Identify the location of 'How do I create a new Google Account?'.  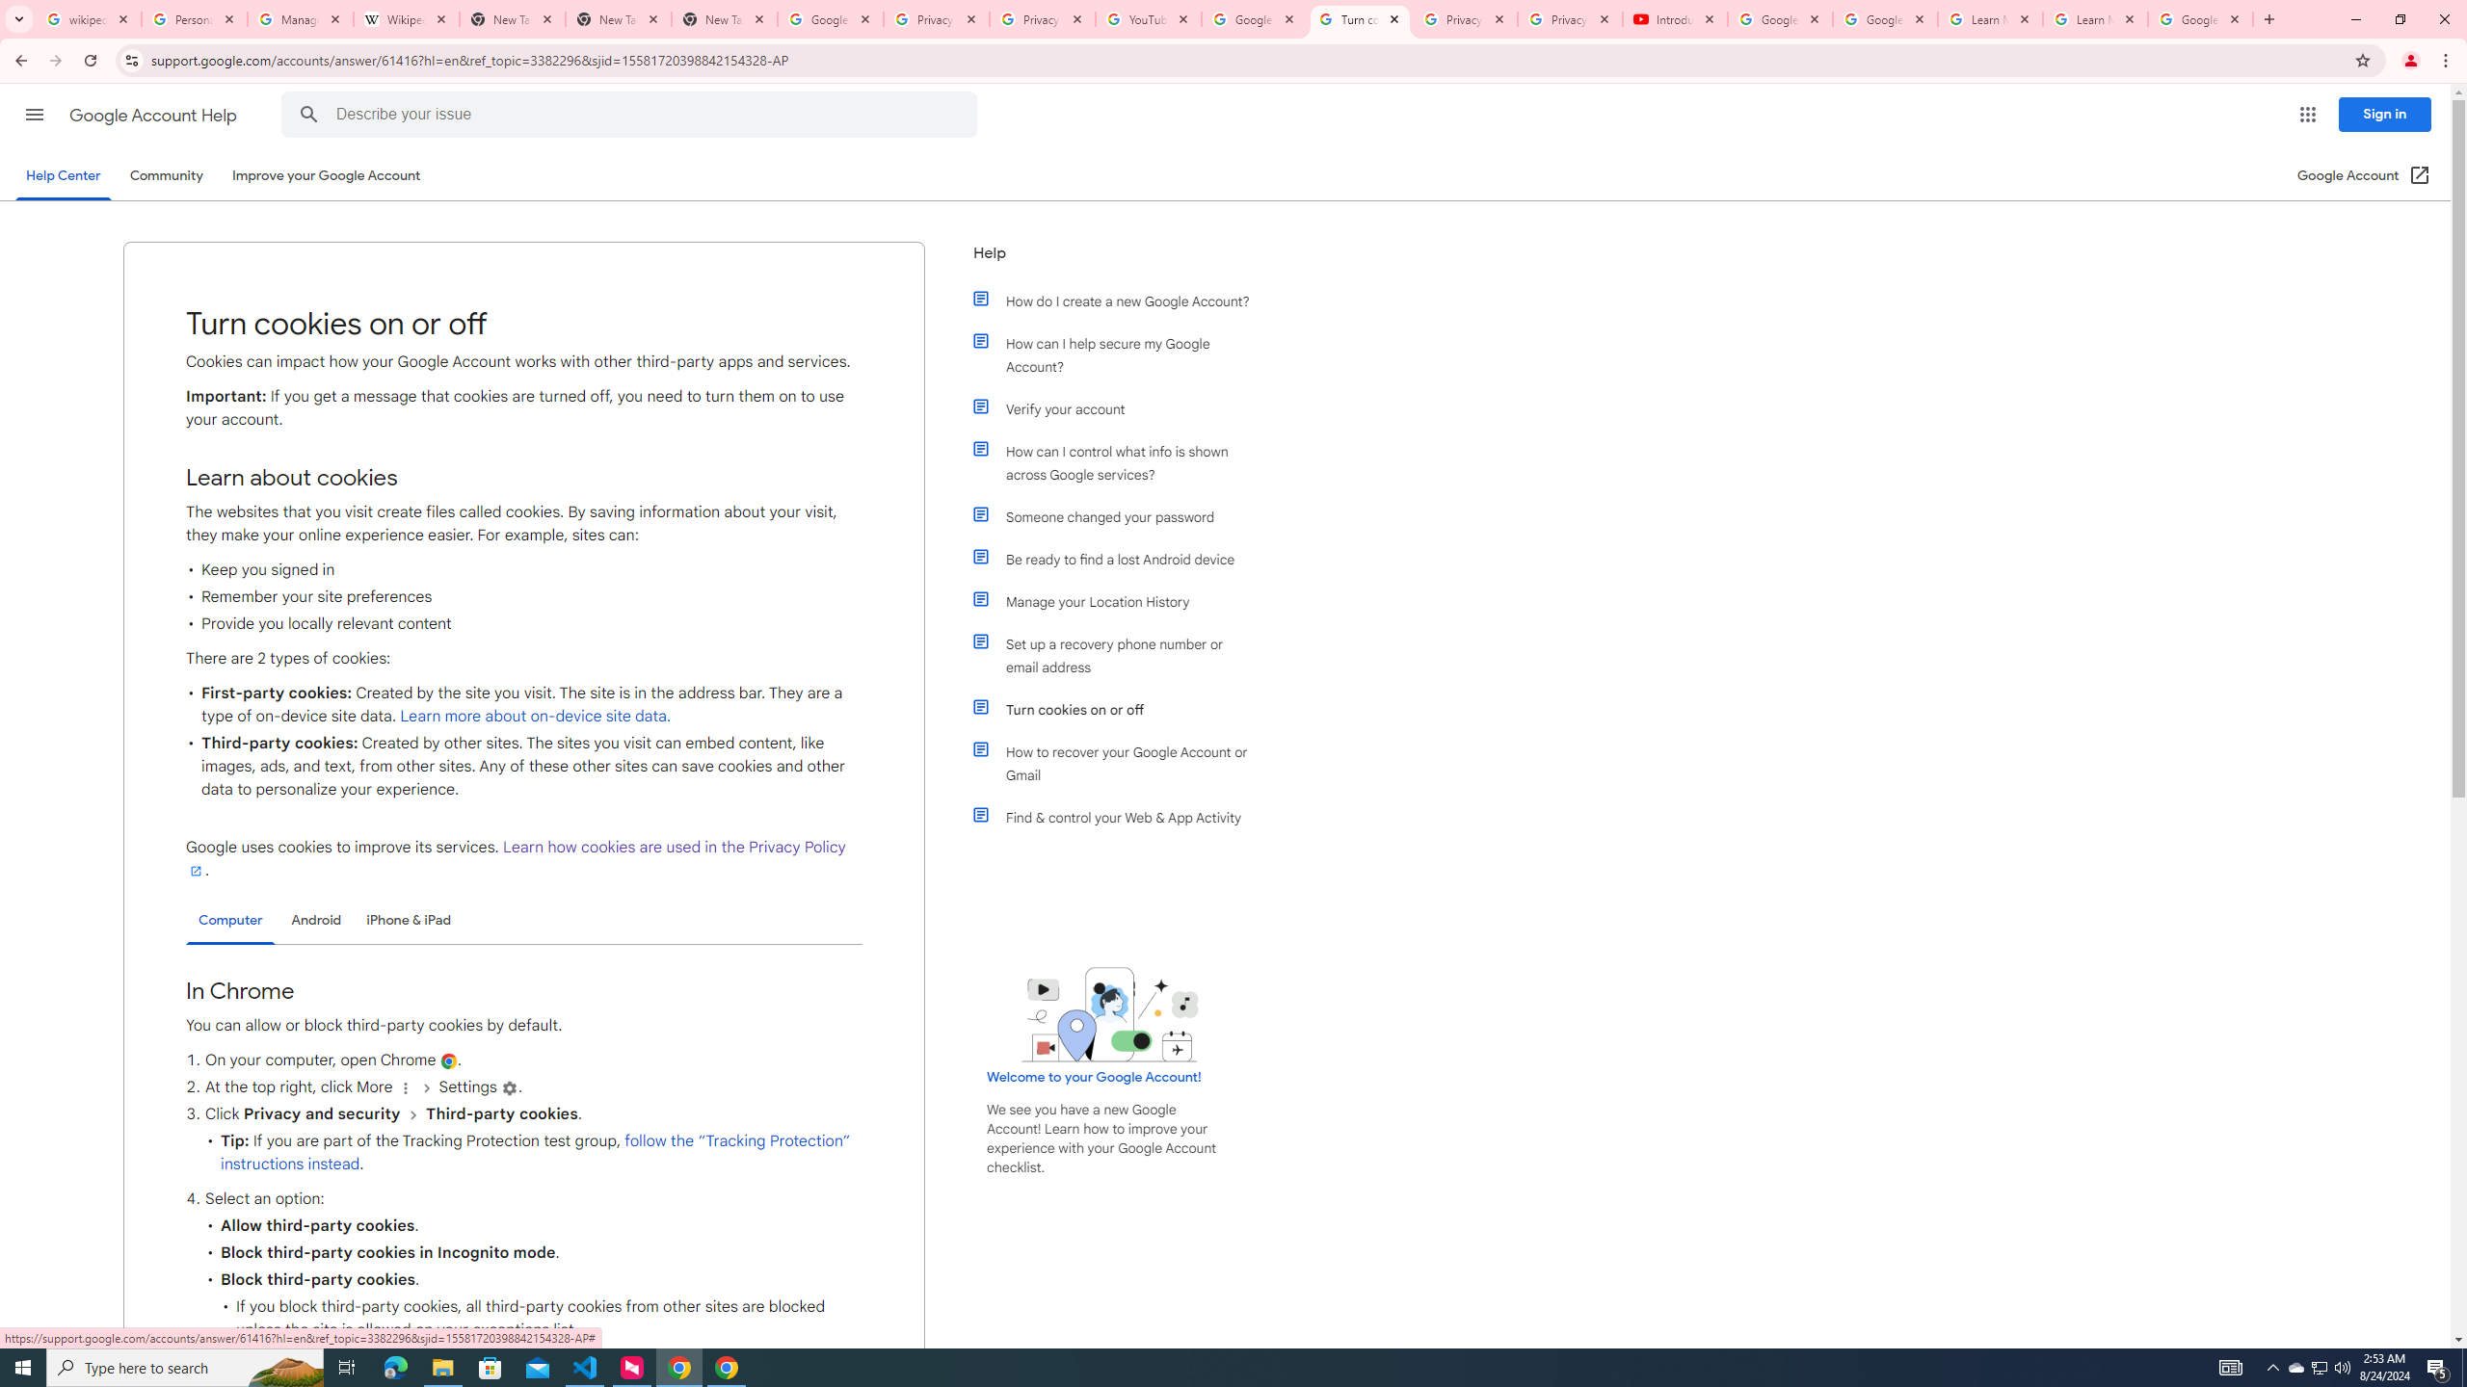
(1120, 301).